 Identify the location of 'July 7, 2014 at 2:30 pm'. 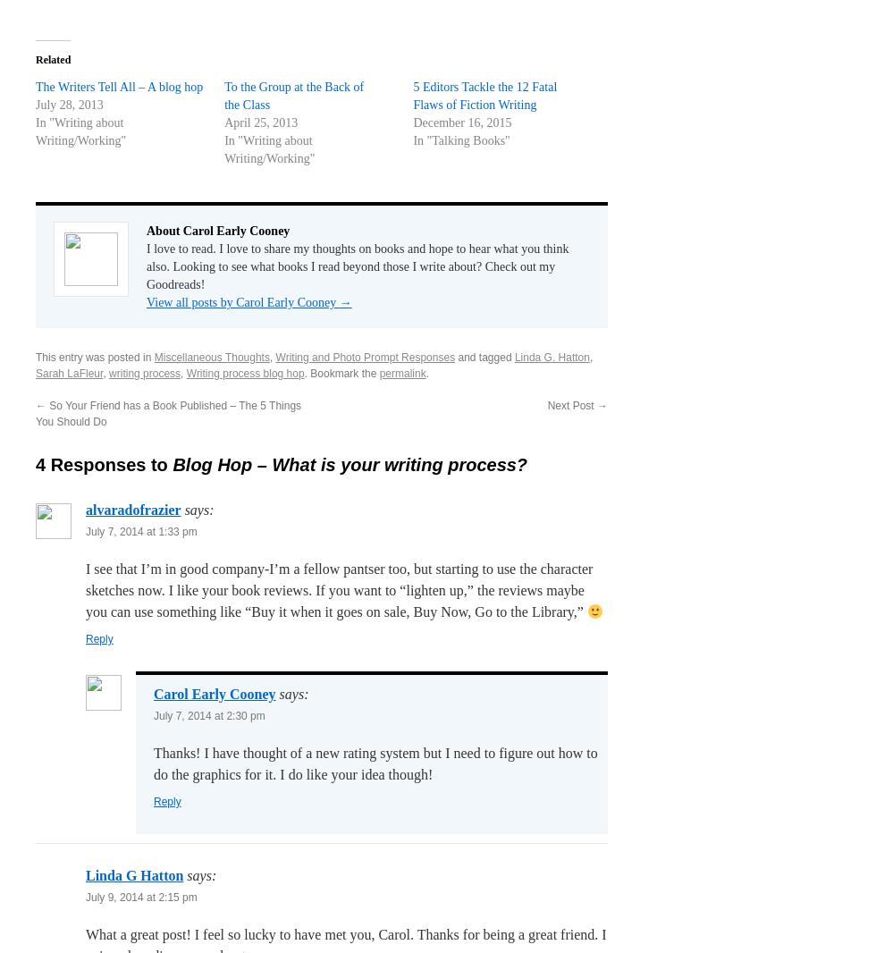
(209, 715).